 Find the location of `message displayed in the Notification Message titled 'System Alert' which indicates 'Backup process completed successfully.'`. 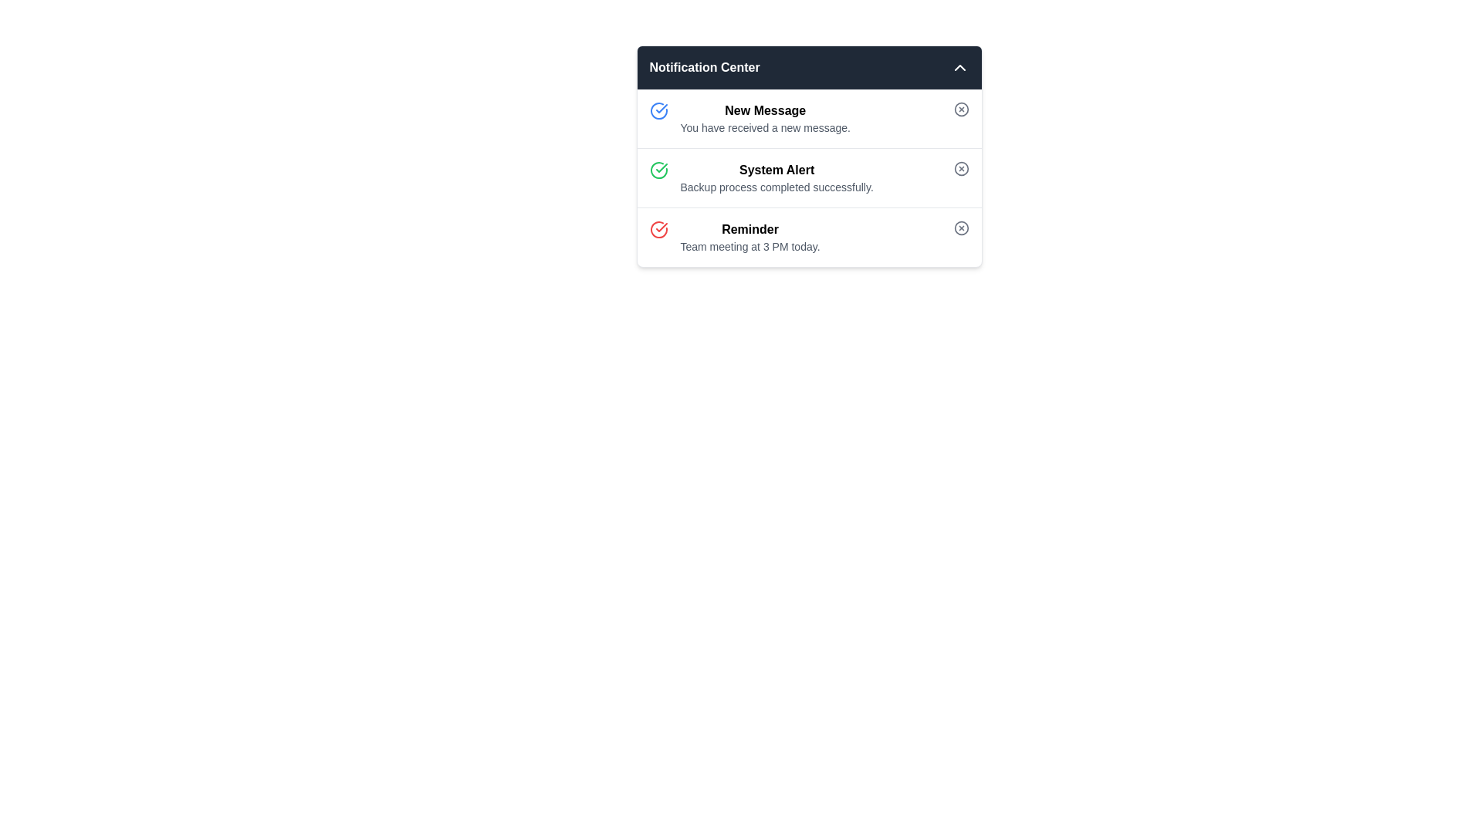

message displayed in the Notification Message titled 'System Alert' which indicates 'Backup process completed successfully.' is located at coordinates (777, 177).